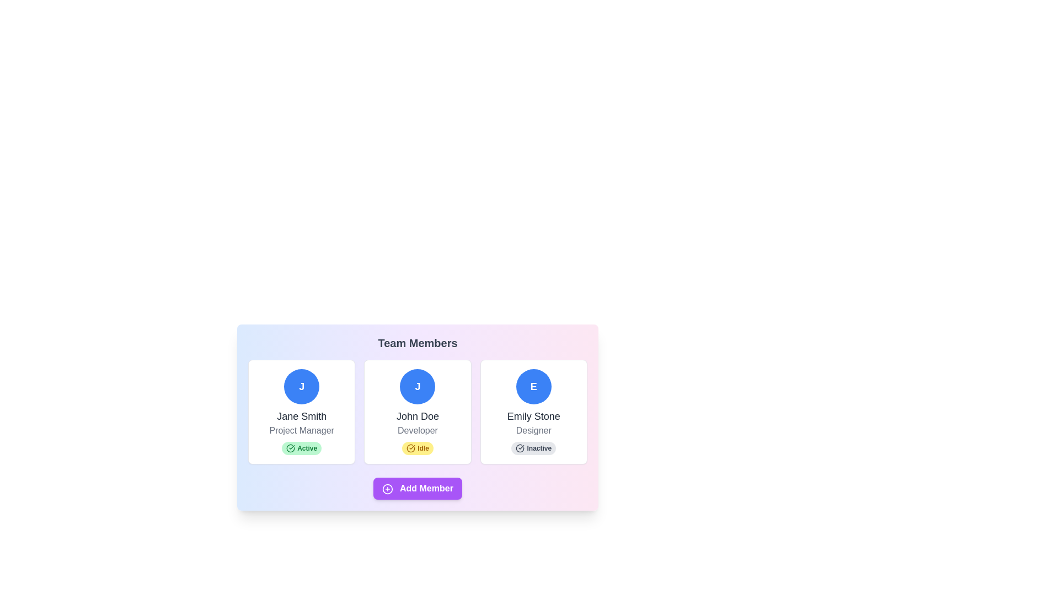  Describe the element at coordinates (388, 488) in the screenshot. I see `the circular part of the 'Add Member' icon, located in the lower middle region of the application's group of interactive buttons` at that location.